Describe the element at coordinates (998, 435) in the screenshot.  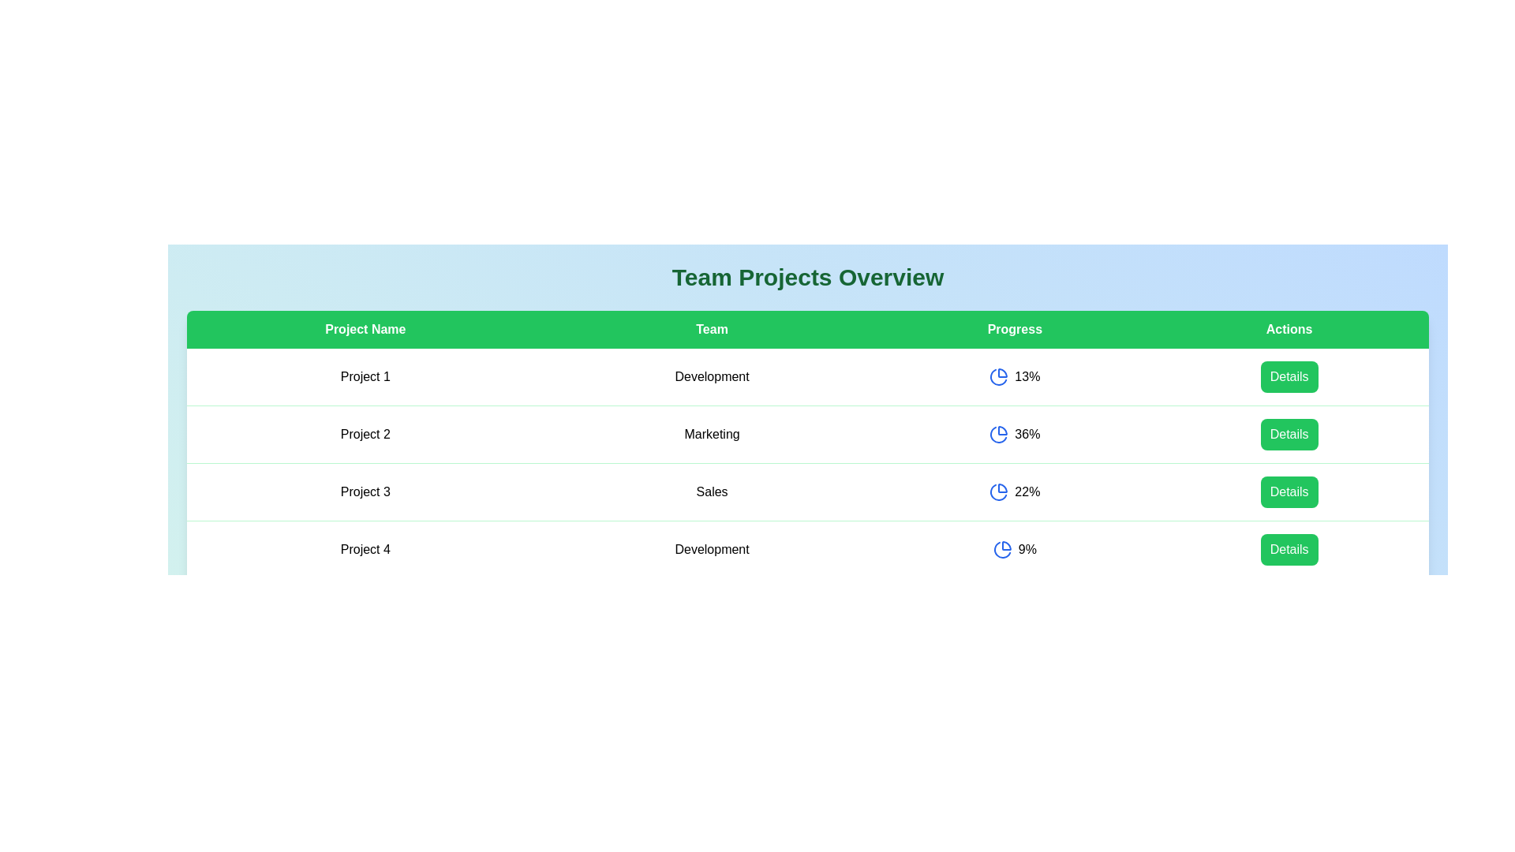
I see `the pie chart icon for the project with ID 2` at that location.